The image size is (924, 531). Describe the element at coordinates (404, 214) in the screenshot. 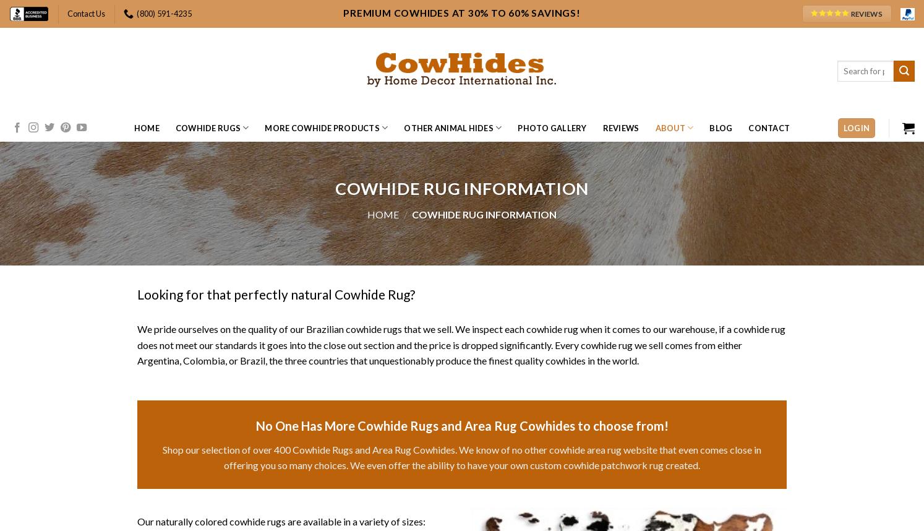

I see `'/'` at that location.